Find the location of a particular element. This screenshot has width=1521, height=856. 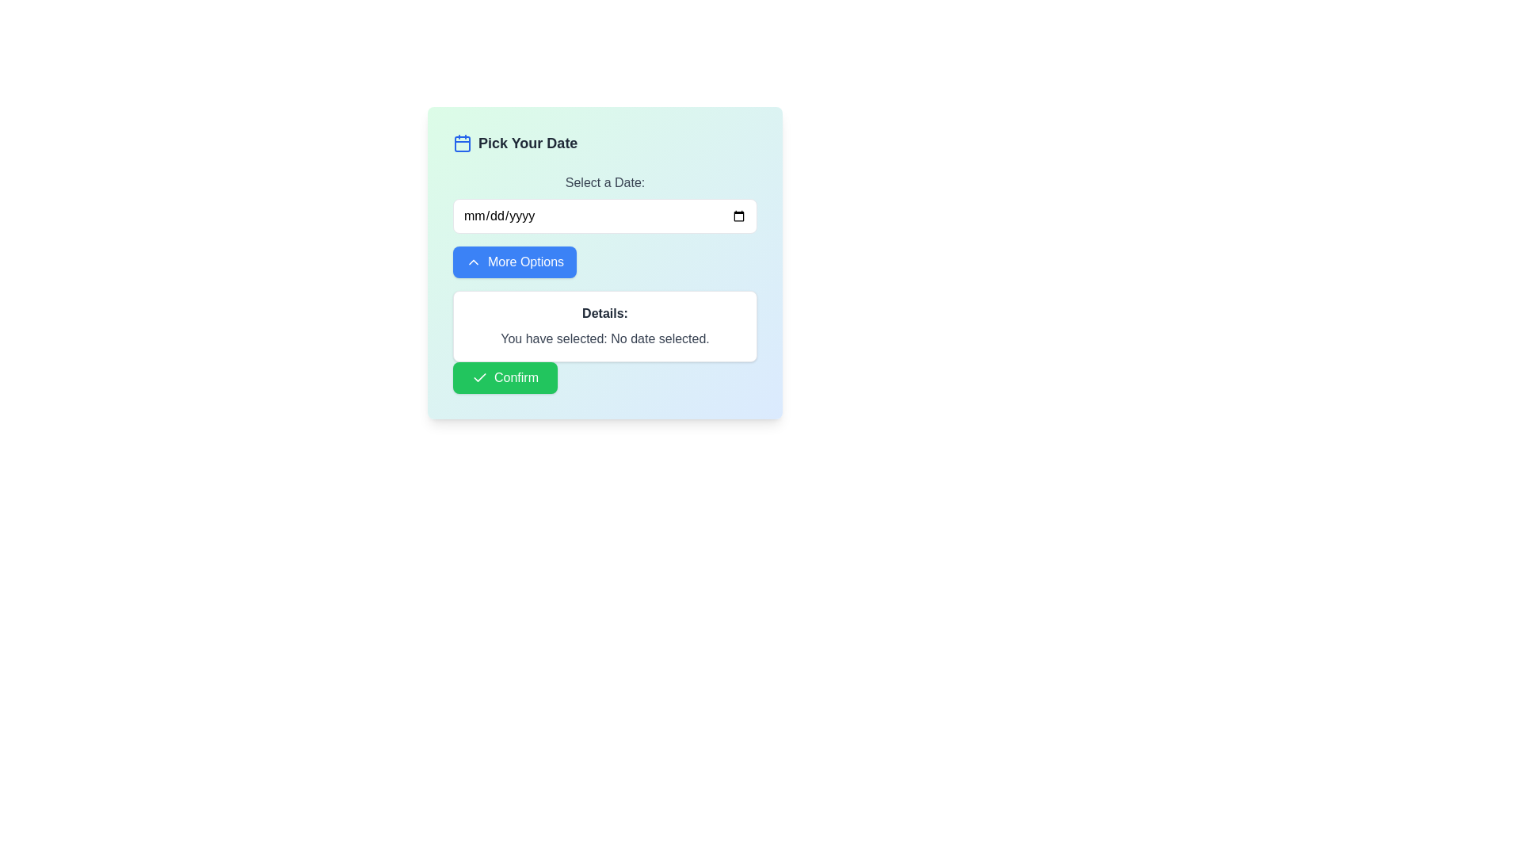

the upward direction icon located inside the 'More Options' button is located at coordinates (473, 262).